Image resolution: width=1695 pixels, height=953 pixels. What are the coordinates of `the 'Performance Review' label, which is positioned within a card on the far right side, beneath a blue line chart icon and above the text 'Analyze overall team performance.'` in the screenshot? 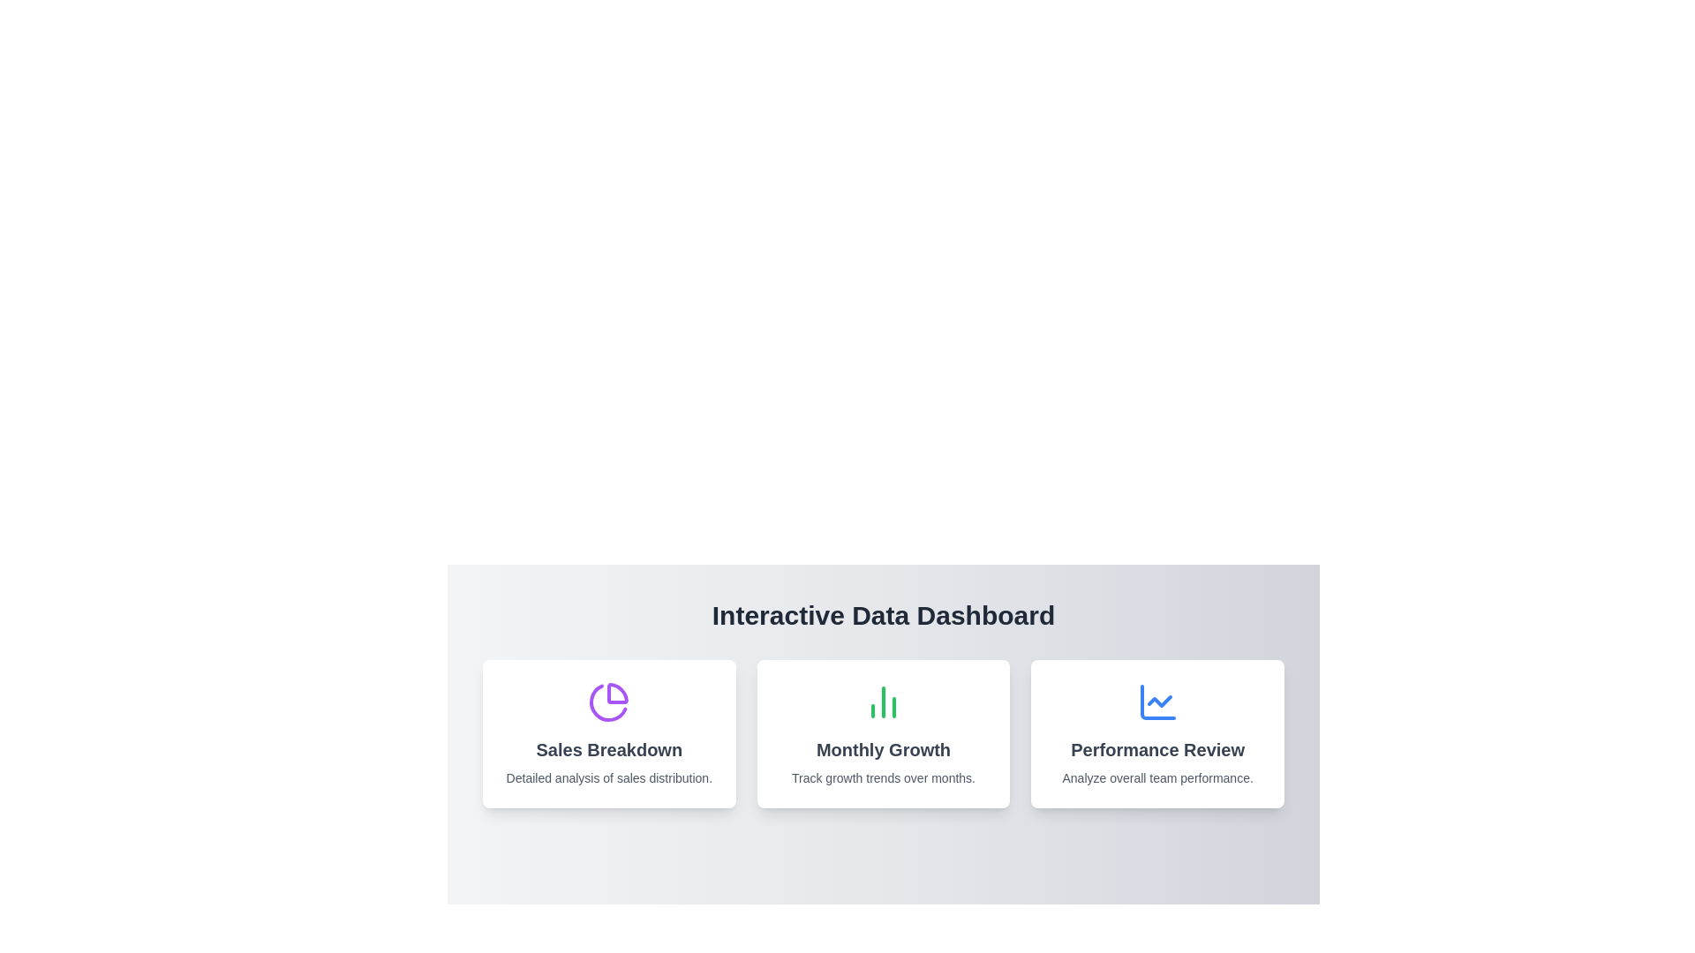 It's located at (1157, 749).